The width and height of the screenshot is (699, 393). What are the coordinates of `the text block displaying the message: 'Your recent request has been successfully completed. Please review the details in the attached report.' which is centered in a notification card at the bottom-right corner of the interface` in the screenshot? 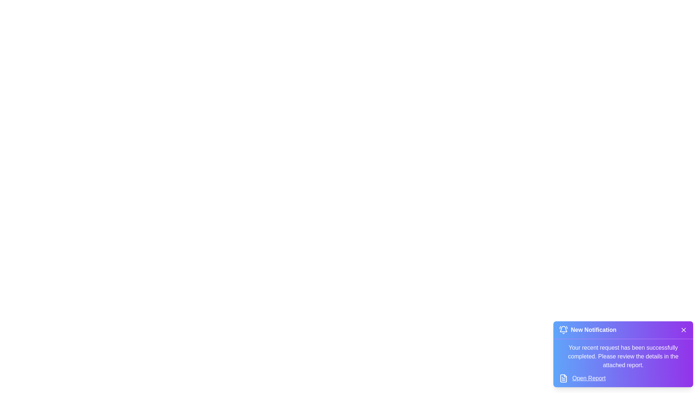 It's located at (623, 356).